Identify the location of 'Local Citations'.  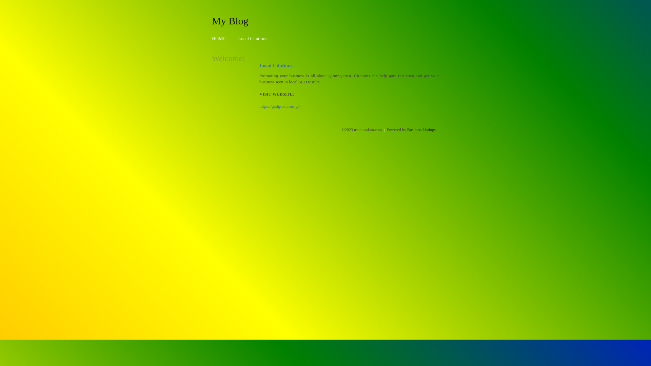
(238, 39).